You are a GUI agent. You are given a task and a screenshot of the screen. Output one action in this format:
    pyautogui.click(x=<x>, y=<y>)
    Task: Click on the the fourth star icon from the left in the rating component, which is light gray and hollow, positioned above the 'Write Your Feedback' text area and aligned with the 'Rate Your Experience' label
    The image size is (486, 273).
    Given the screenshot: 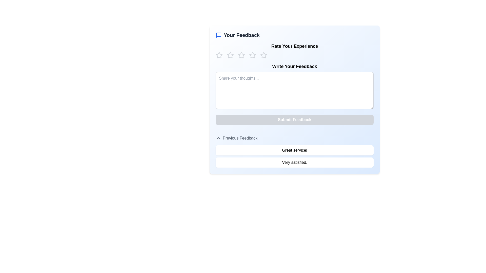 What is the action you would take?
    pyautogui.click(x=253, y=55)
    